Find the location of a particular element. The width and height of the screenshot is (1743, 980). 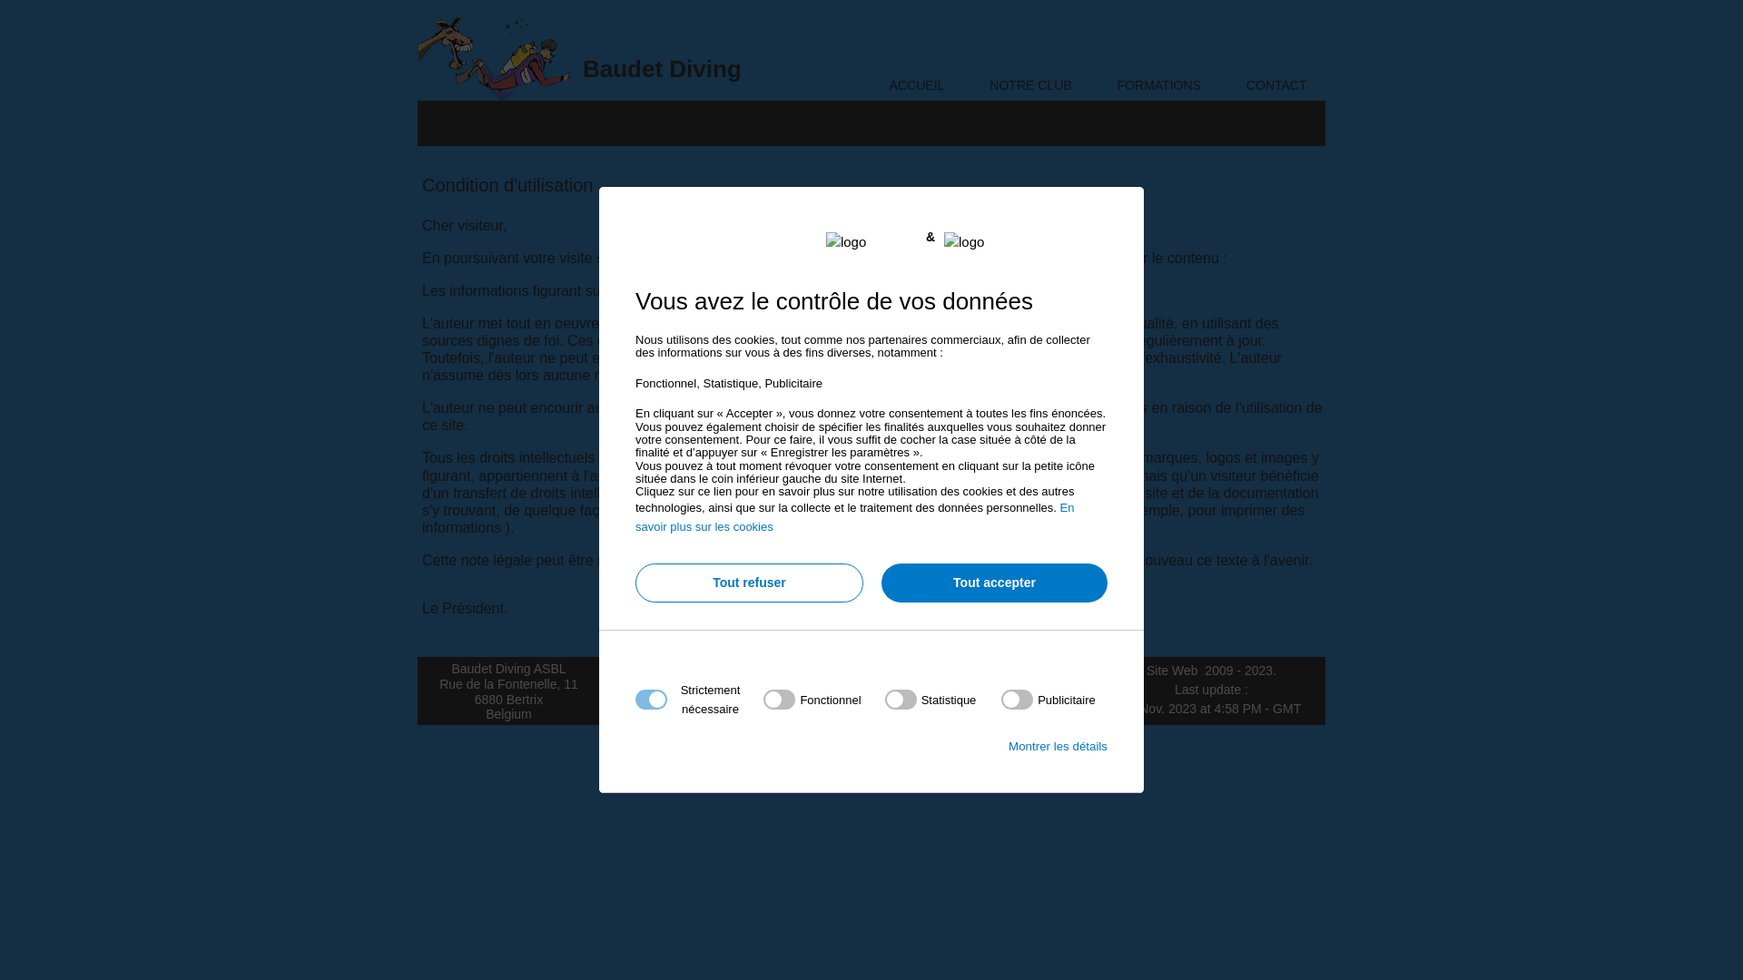

'FORMATIONS' is located at coordinates (1157, 80).